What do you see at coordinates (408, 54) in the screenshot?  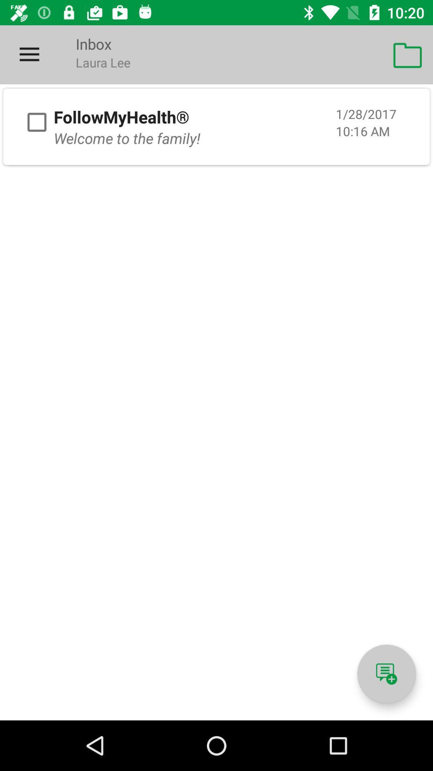 I see `icon above 1/28/2017 item` at bounding box center [408, 54].